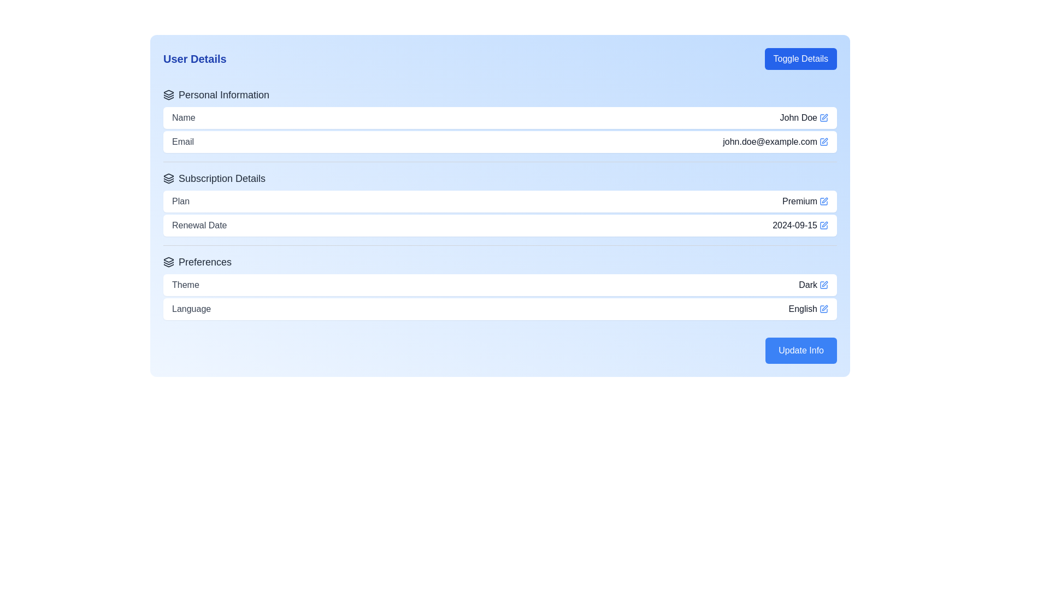 The width and height of the screenshot is (1049, 590). What do you see at coordinates (823, 309) in the screenshot?
I see `the blue square-shaped pencil icon adjacent to the text 'English' in the 'Language' field under the 'Preferences' section` at bounding box center [823, 309].